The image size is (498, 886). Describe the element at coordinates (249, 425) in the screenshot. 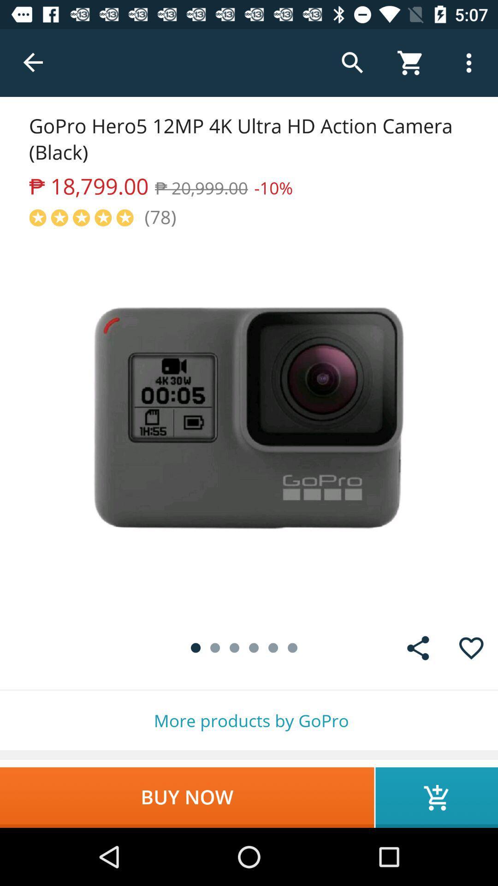

I see `the item at the center` at that location.